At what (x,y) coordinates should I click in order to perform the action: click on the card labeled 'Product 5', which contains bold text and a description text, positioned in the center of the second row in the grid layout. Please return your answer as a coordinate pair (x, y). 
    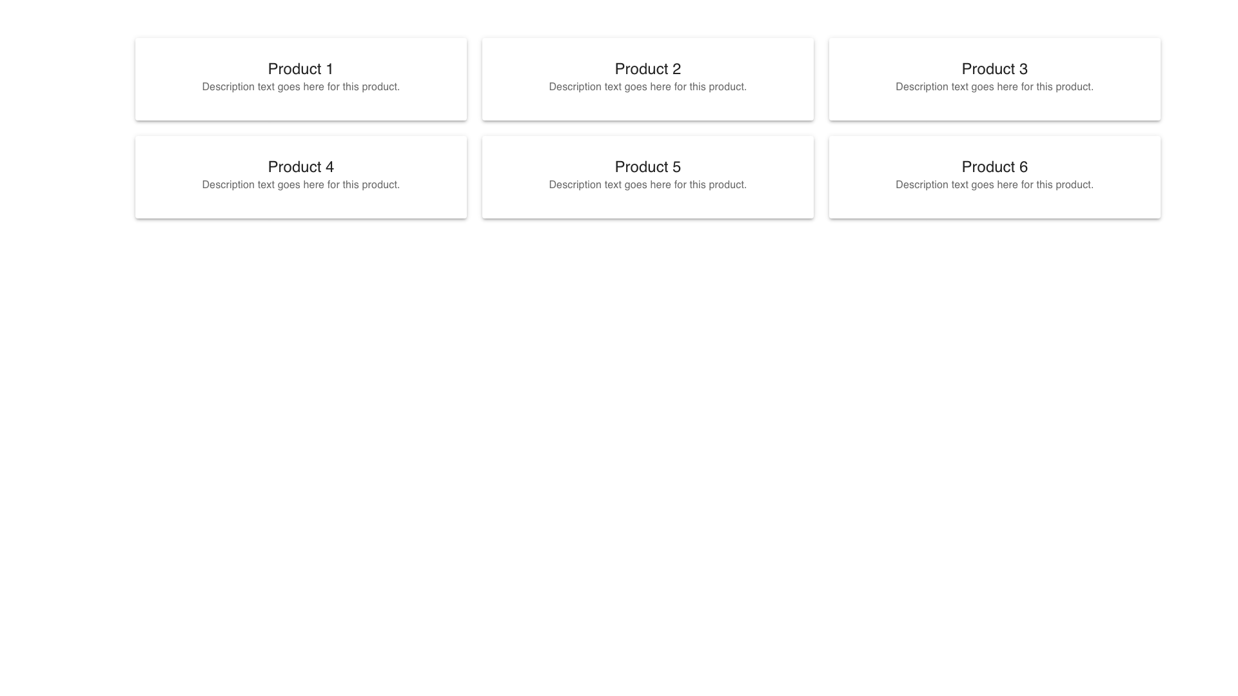
    Looking at the image, I should click on (647, 177).